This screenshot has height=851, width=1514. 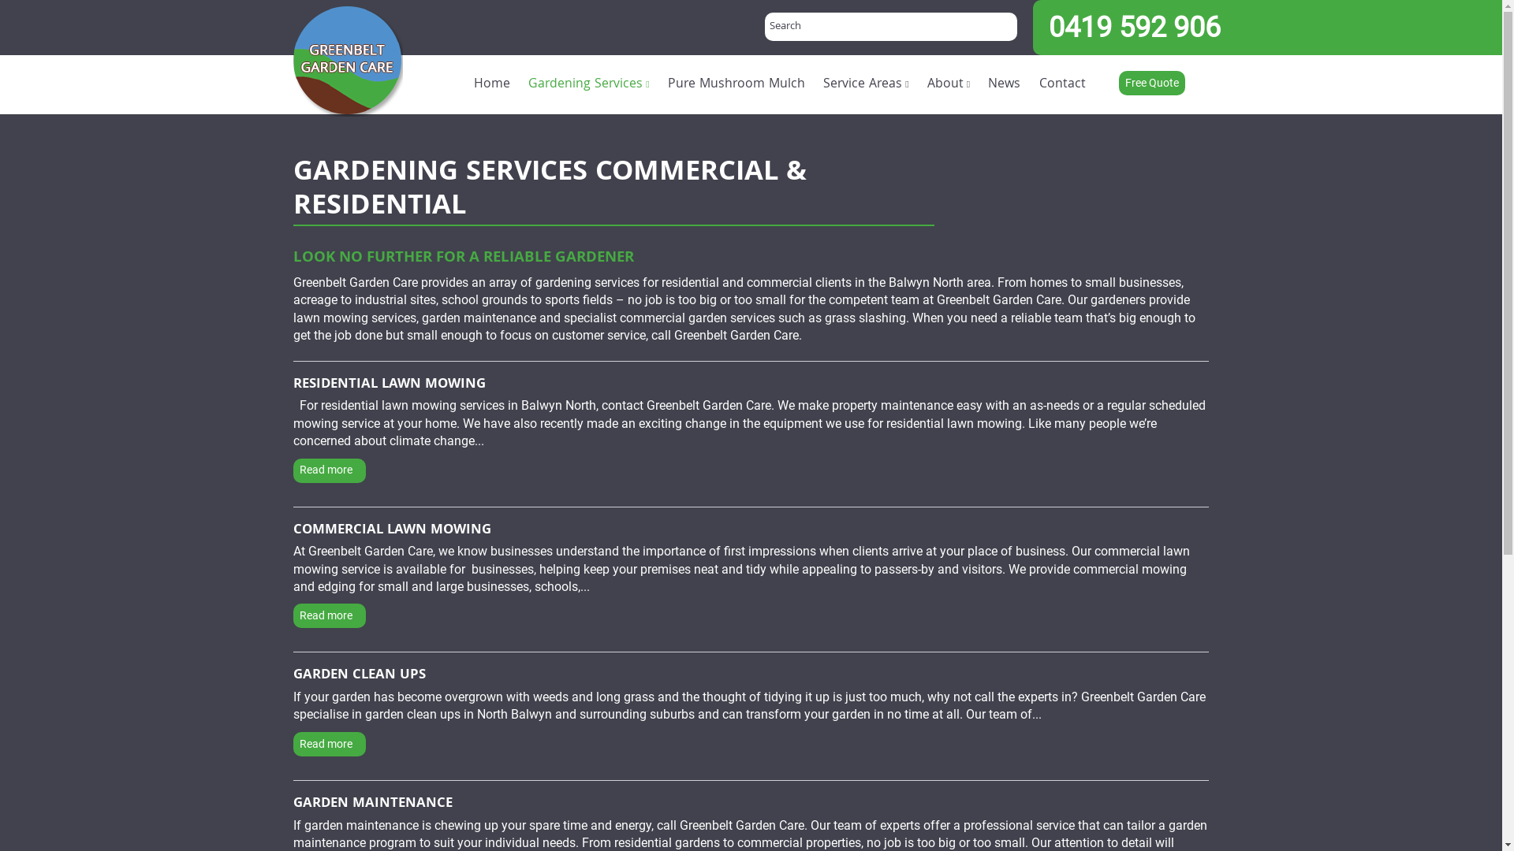 What do you see at coordinates (490, 84) in the screenshot?
I see `'Home'` at bounding box center [490, 84].